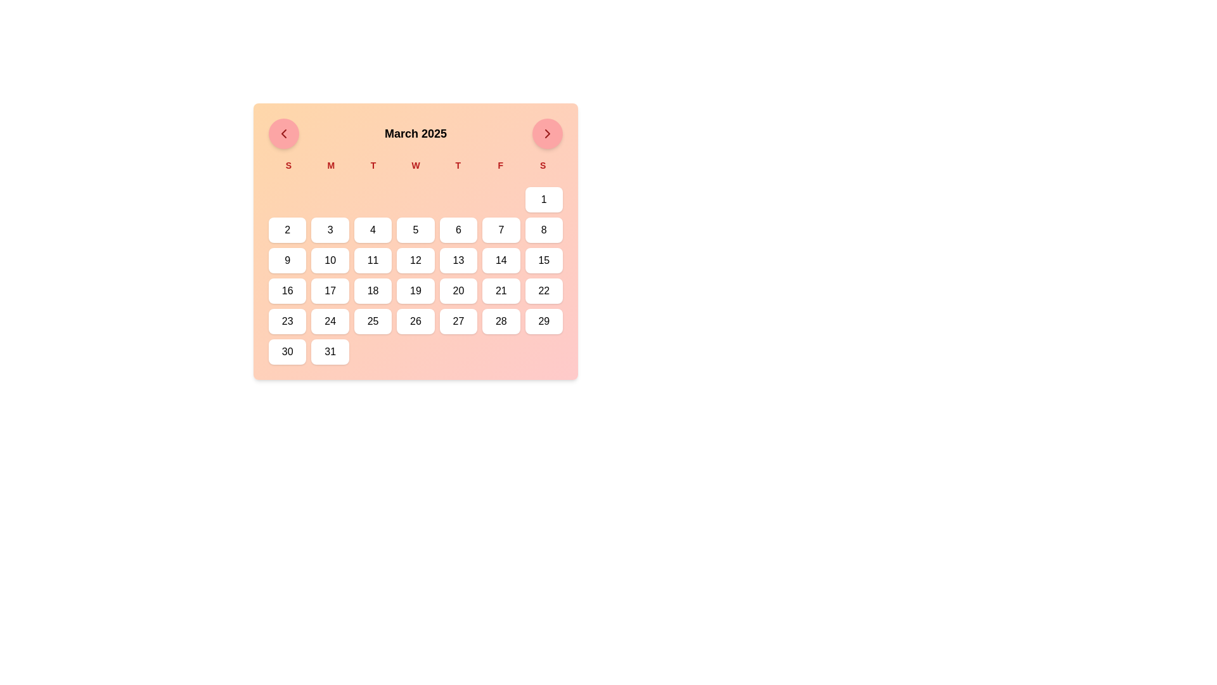  I want to click on the square button labeled '24' located in the fourth column and fifth row of the calendar grid, so click(330, 320).